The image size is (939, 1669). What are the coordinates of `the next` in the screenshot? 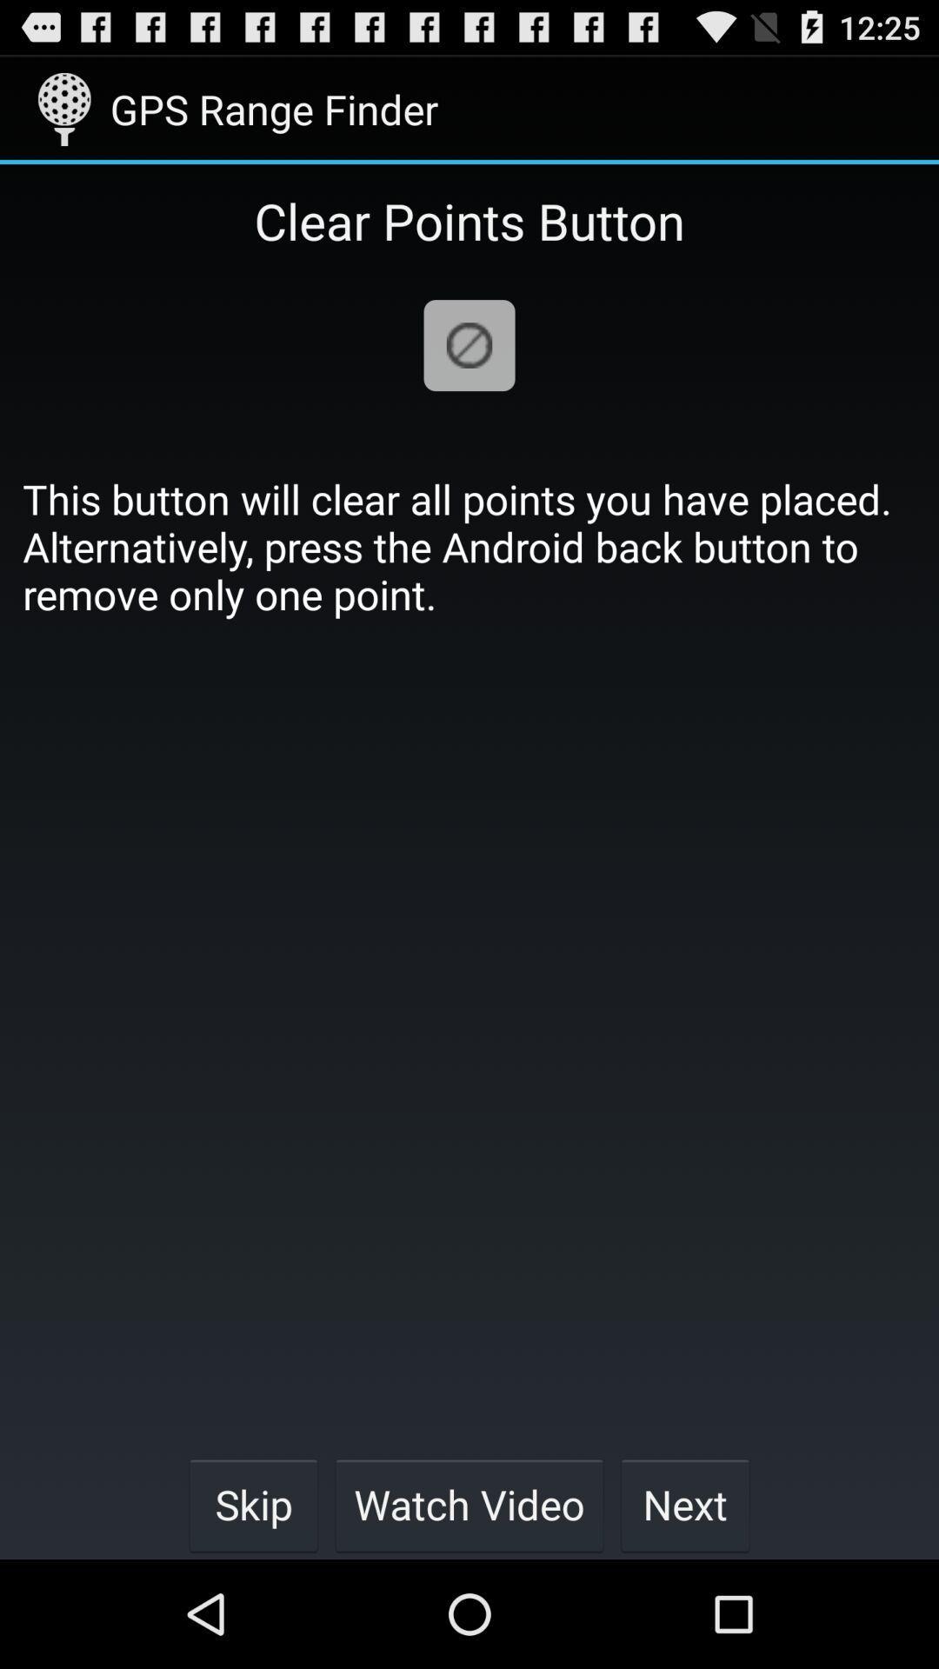 It's located at (684, 1504).